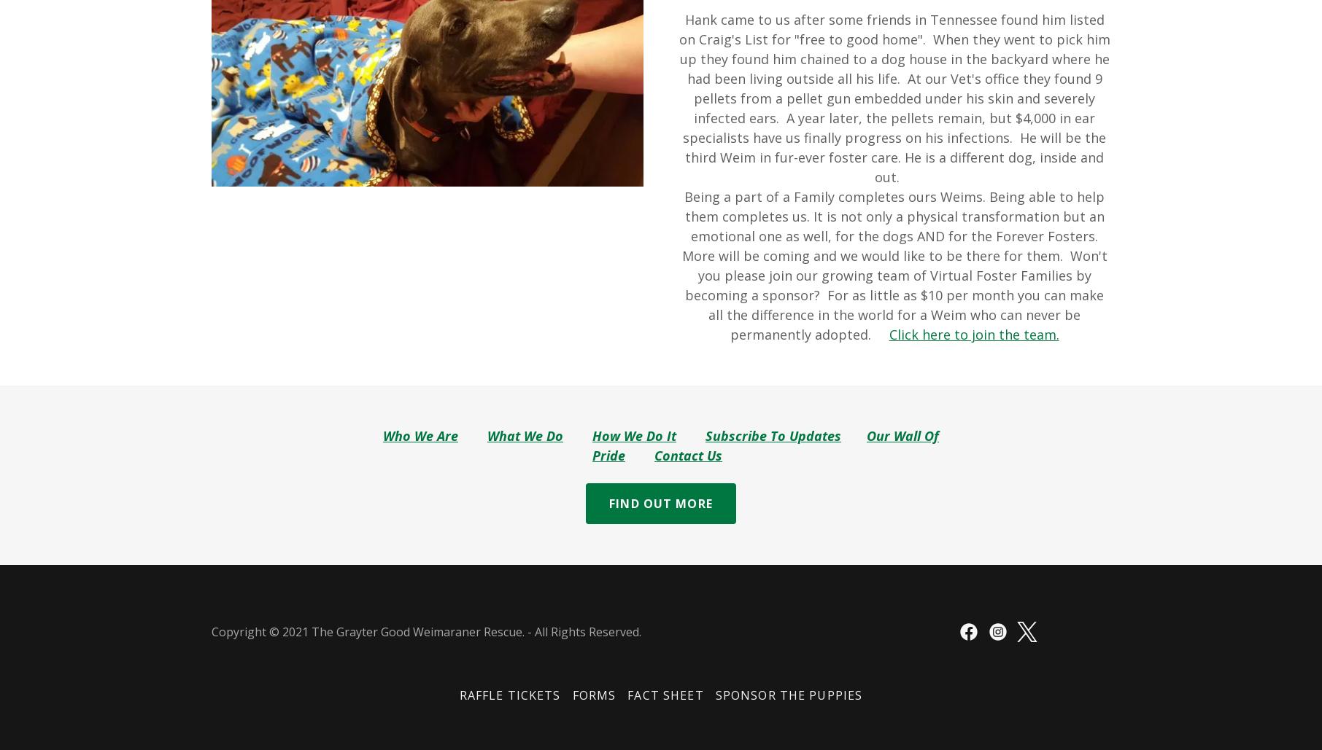 The height and width of the screenshot is (750, 1322). Describe the element at coordinates (665, 695) in the screenshot. I see `'Fact Sheet'` at that location.